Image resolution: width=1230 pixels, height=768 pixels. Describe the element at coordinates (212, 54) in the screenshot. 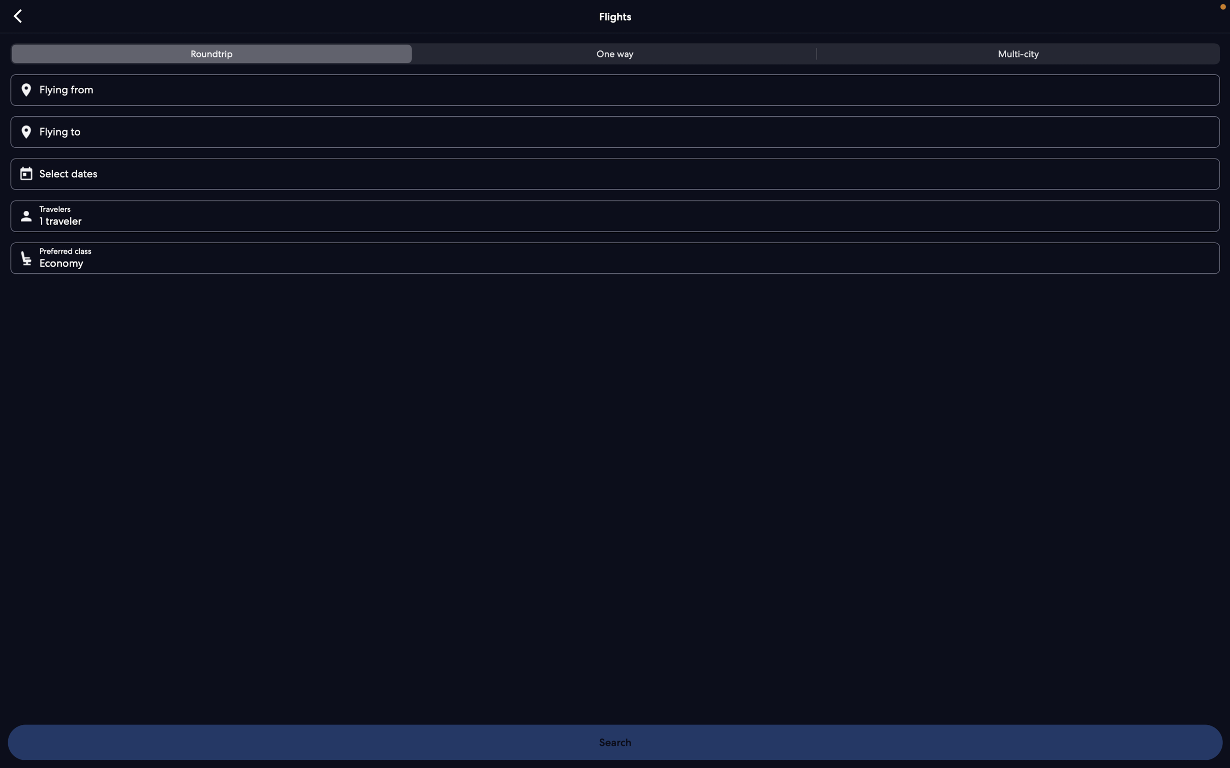

I see `Activate the roundtrip flight choice` at that location.